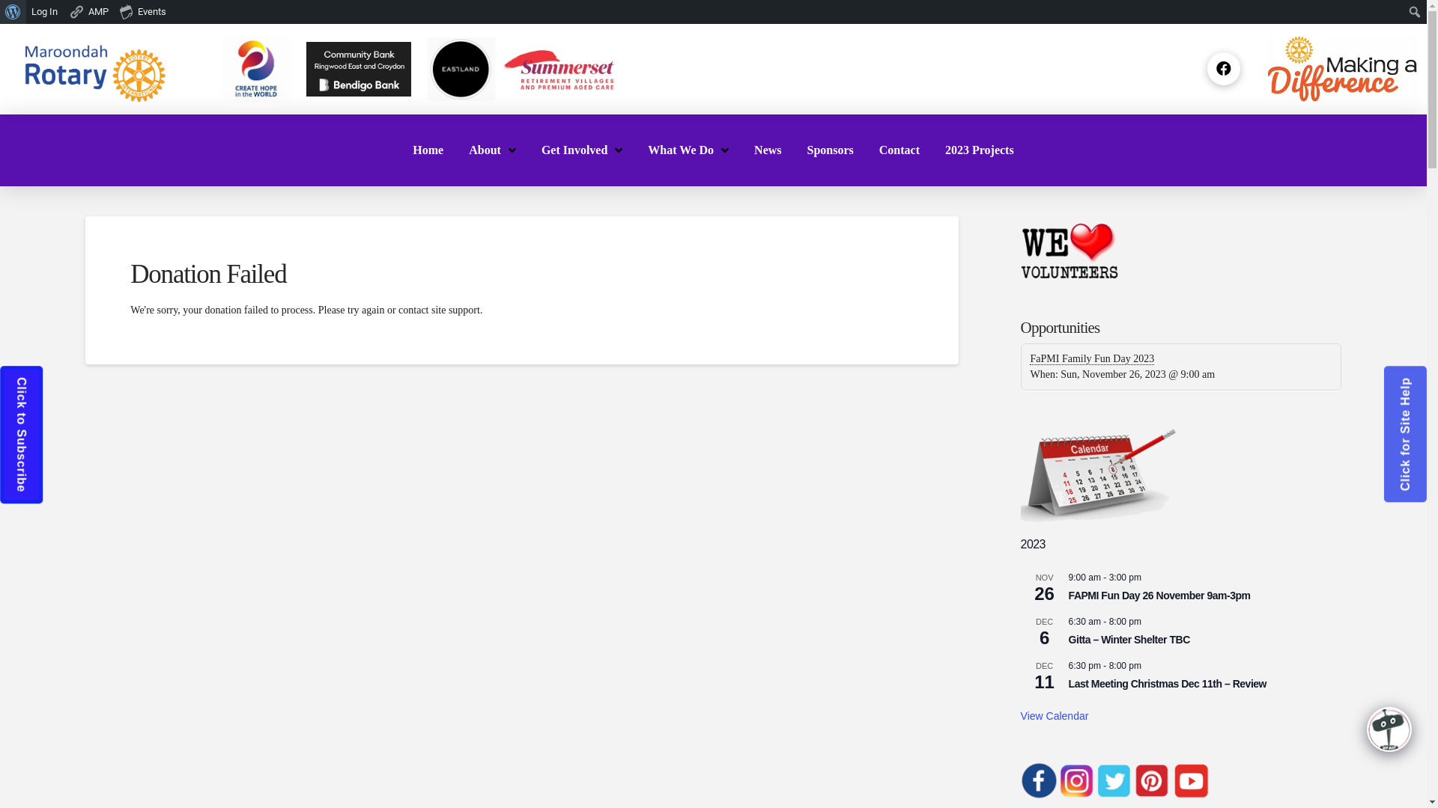 This screenshot has width=1438, height=808. I want to click on 'FaPMI Family Fun Day 2023', so click(1092, 358).